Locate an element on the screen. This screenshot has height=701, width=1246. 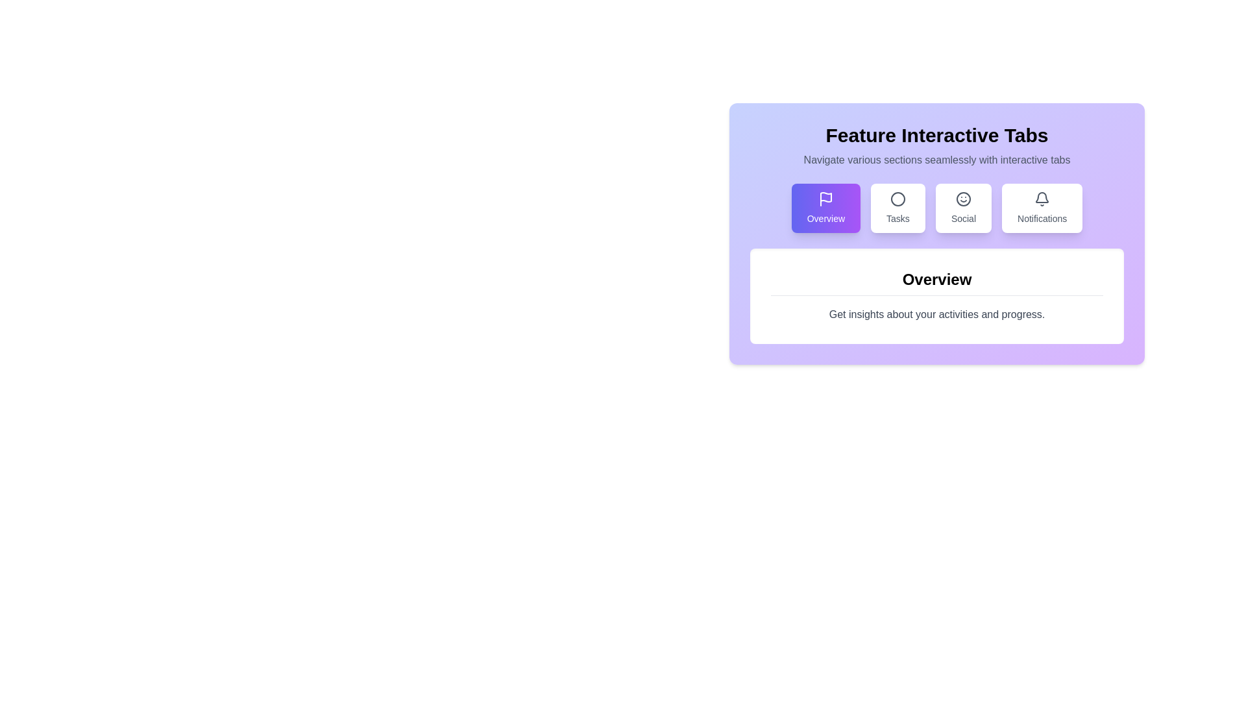
the 'Overview' tab icon which visually represents the tab's content and is positioned at the top center of the tab, above the text label 'Overview' is located at coordinates (825, 199).